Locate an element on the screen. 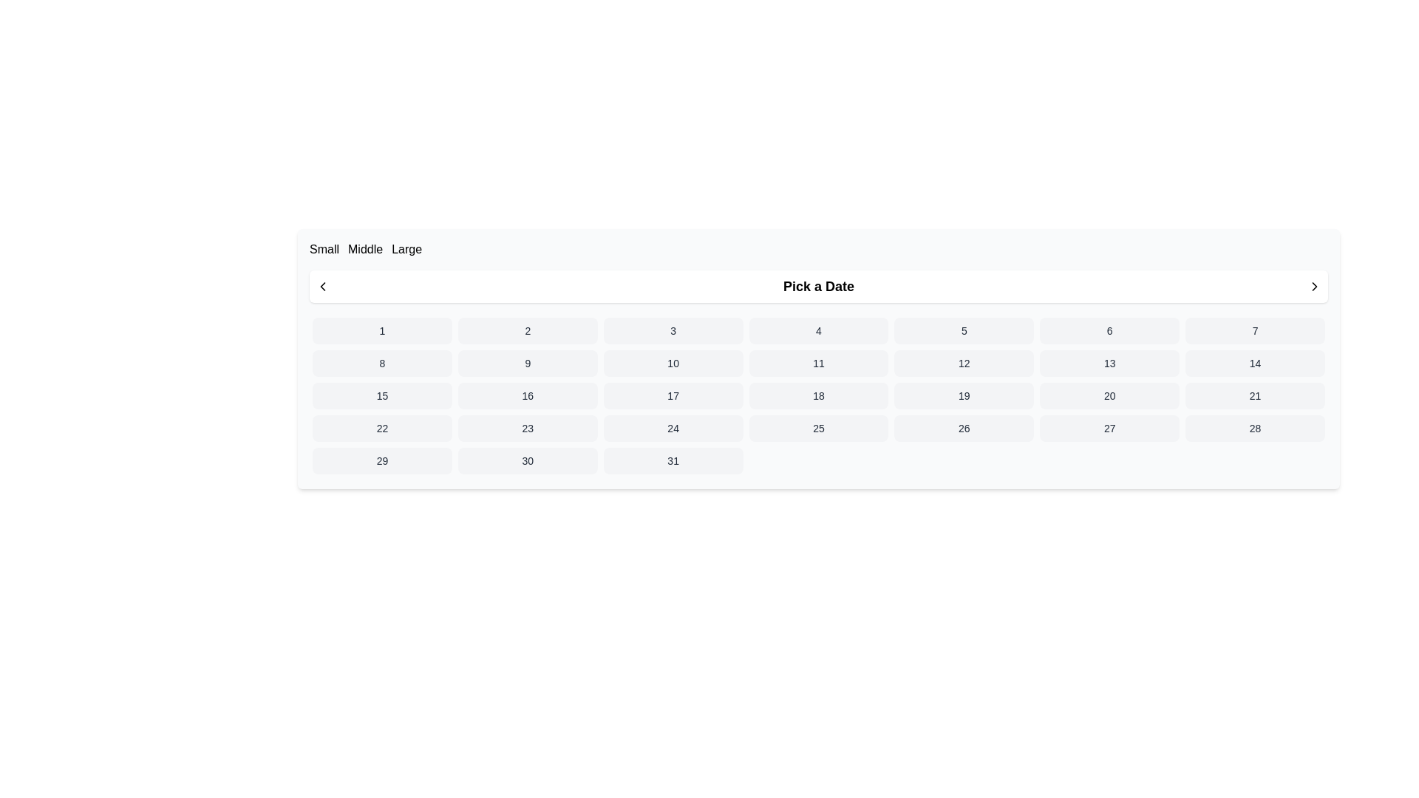  the rectangular button with rounded corners containing the number '22' is located at coordinates (382, 428).